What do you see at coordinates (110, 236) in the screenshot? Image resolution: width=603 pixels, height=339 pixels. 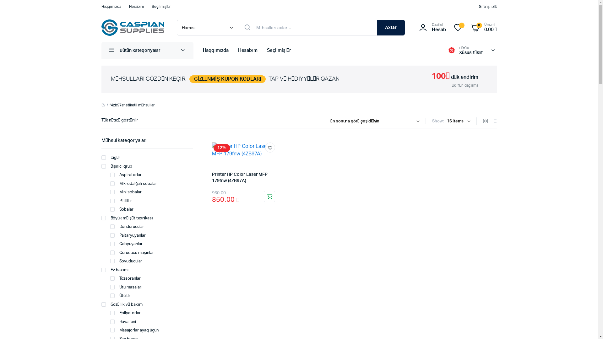 I see `'Paltaryuyanlar'` at bounding box center [110, 236].